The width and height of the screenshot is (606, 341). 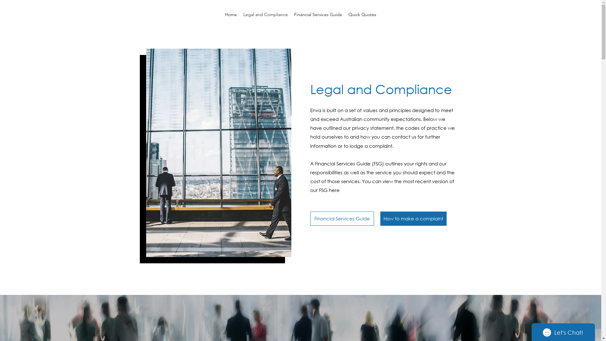 What do you see at coordinates (318, 14) in the screenshot?
I see `'Financial Services Guide'` at bounding box center [318, 14].